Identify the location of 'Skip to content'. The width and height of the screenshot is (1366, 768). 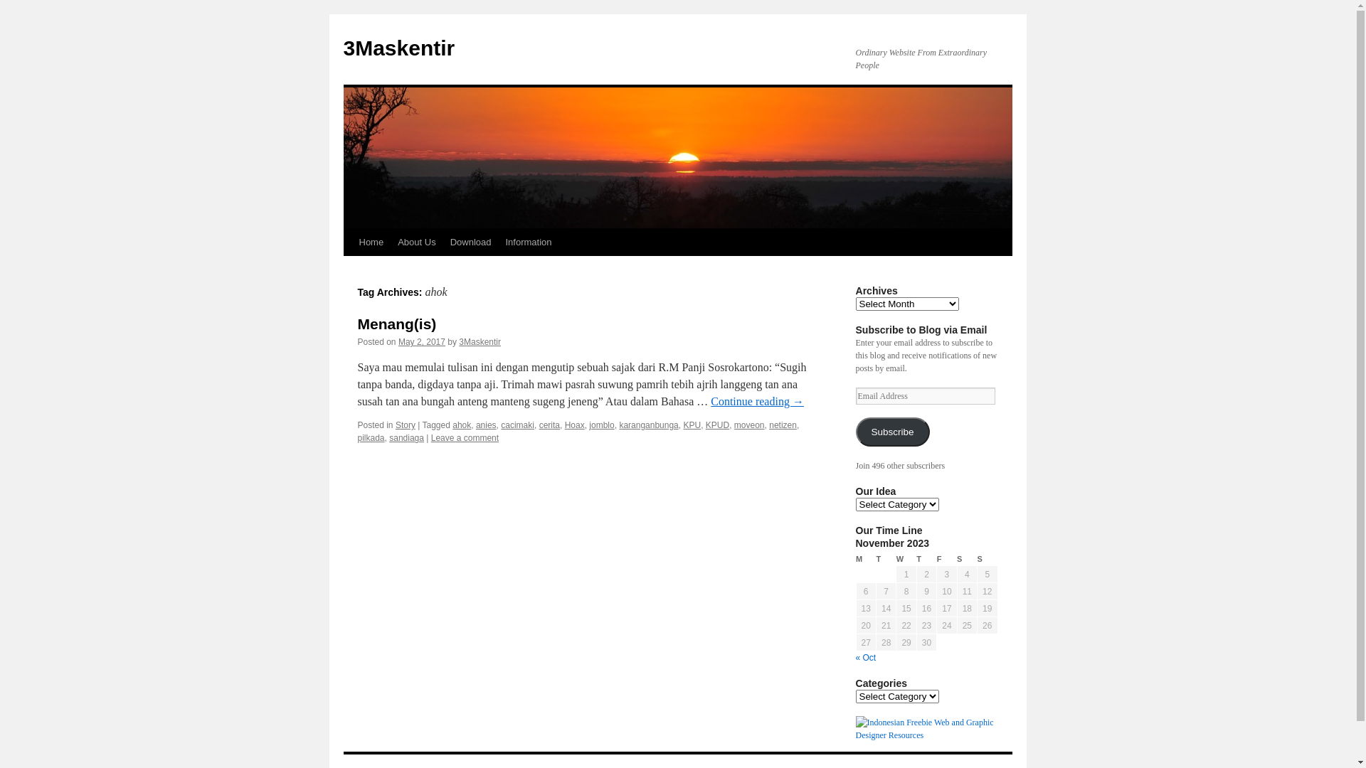
(349, 269).